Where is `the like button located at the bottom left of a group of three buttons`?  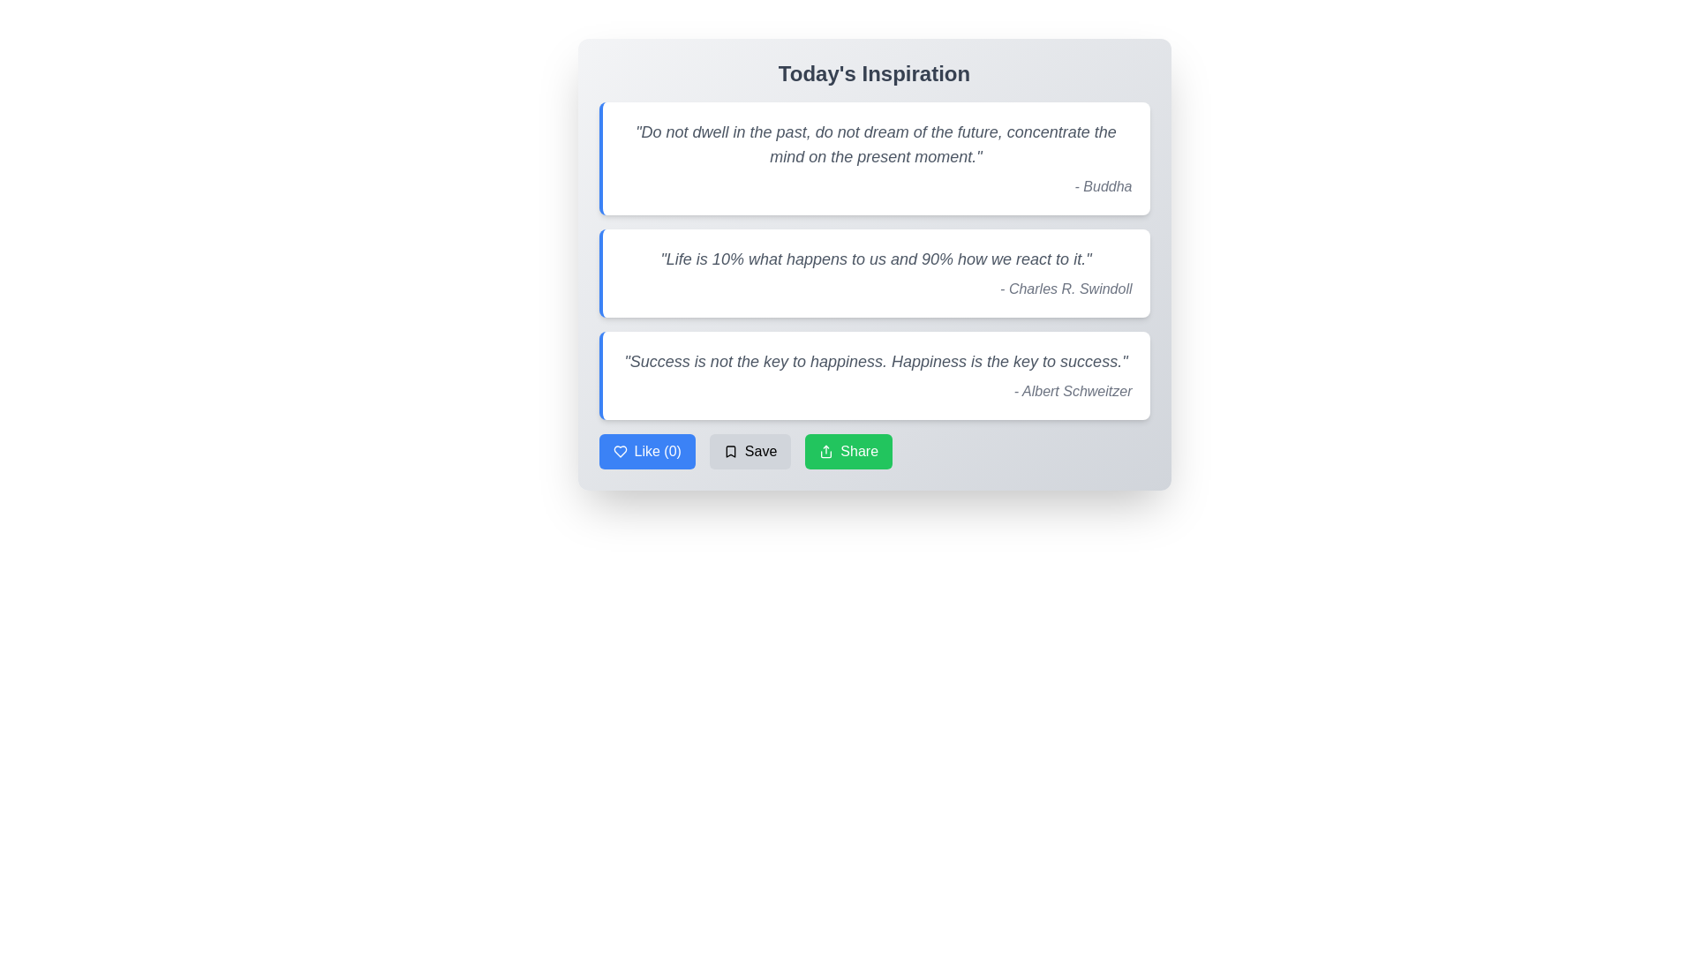 the like button located at the bottom left of a group of three buttons is located at coordinates (646, 451).